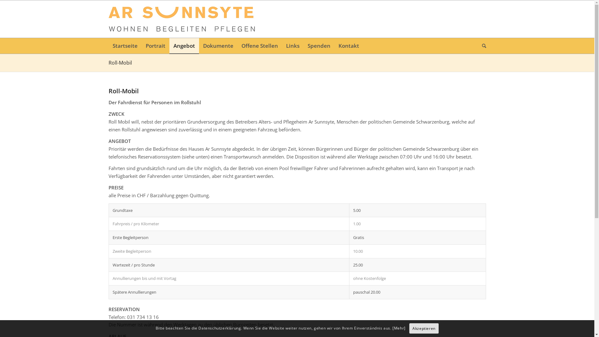 Image resolution: width=599 pixels, height=337 pixels. I want to click on '[Mehr]', so click(398, 328).